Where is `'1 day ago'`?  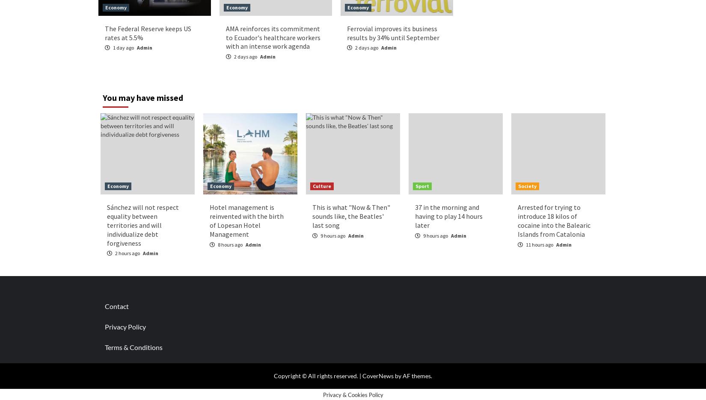
'1 day ago' is located at coordinates (123, 47).